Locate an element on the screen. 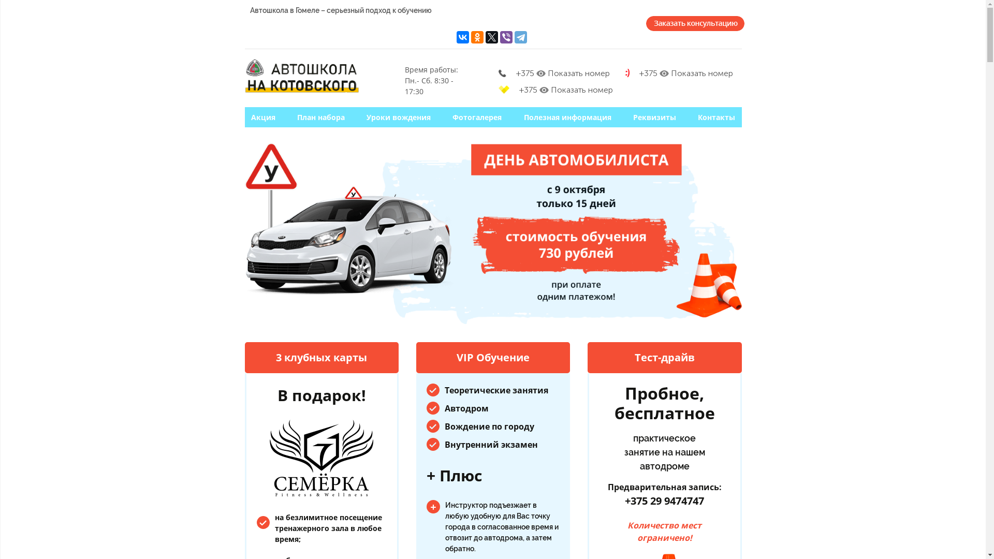  'Viber' is located at coordinates (500, 37).